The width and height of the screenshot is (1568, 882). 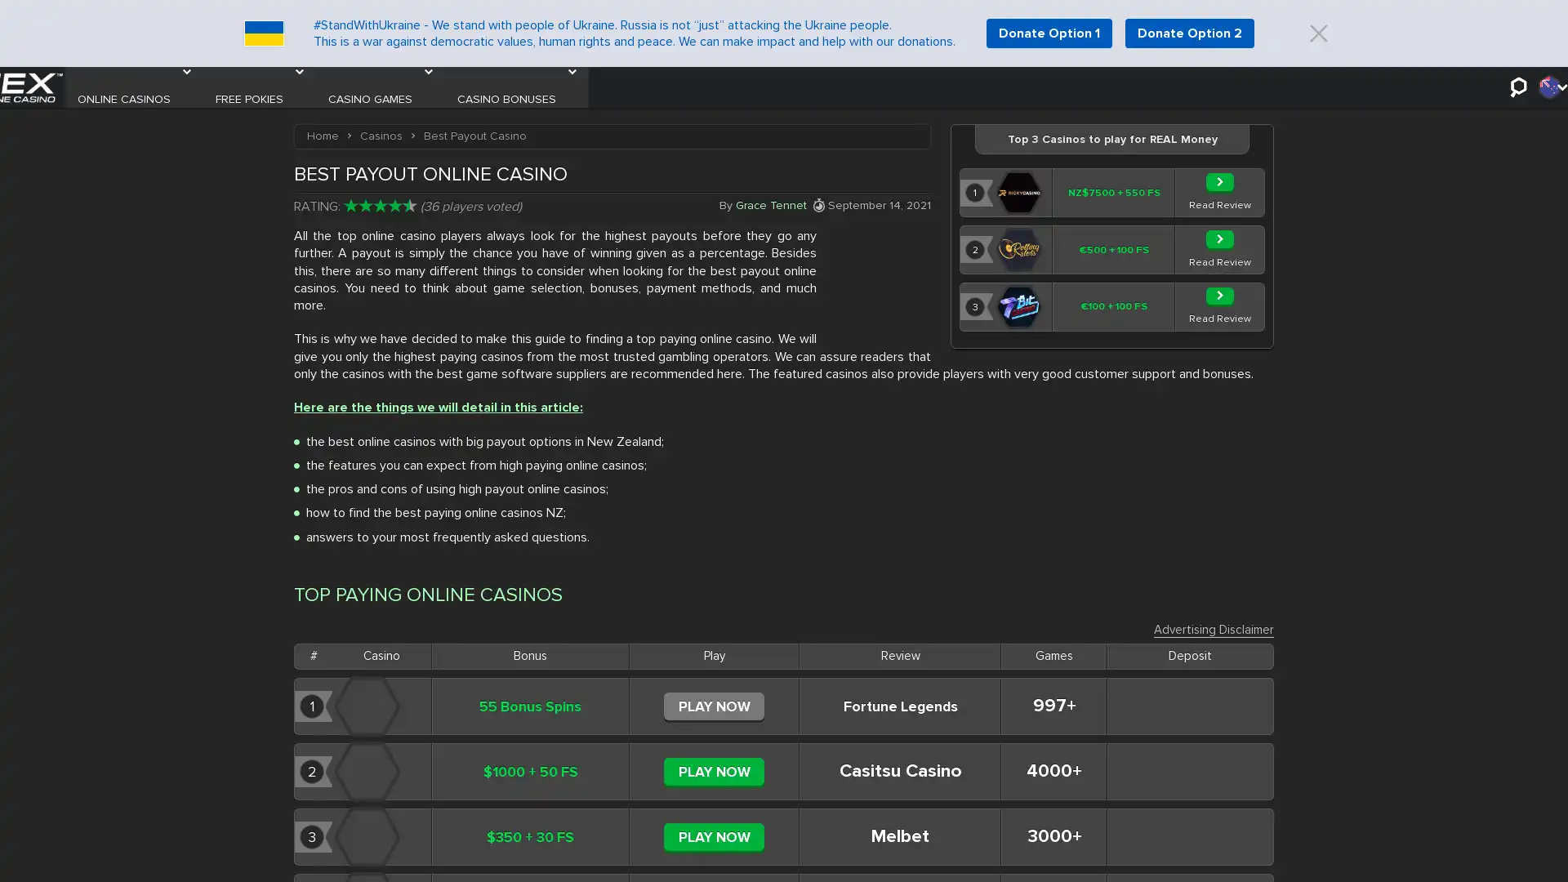 What do you see at coordinates (714, 846) in the screenshot?
I see `PLAY NOW` at bounding box center [714, 846].